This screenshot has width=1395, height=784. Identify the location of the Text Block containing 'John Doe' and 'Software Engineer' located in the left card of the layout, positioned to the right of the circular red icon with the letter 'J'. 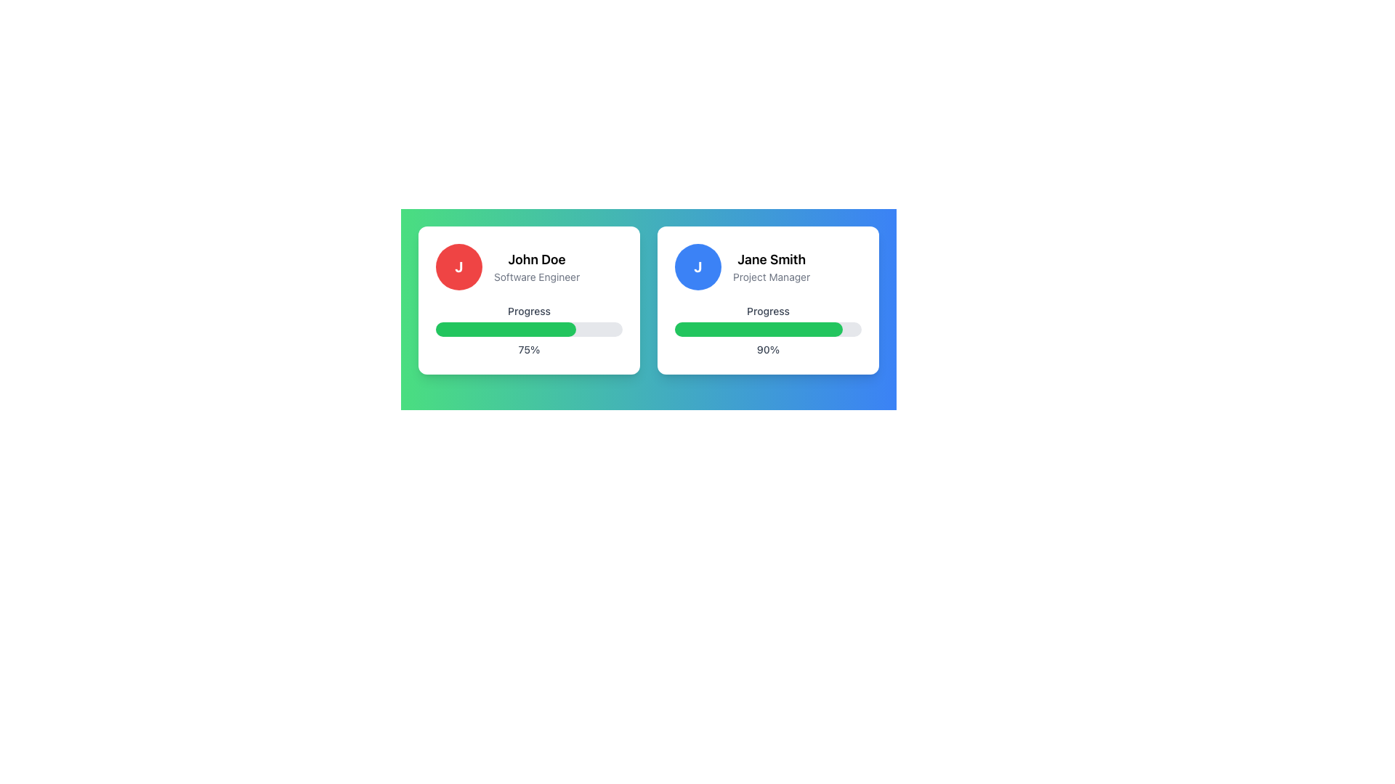
(536, 266).